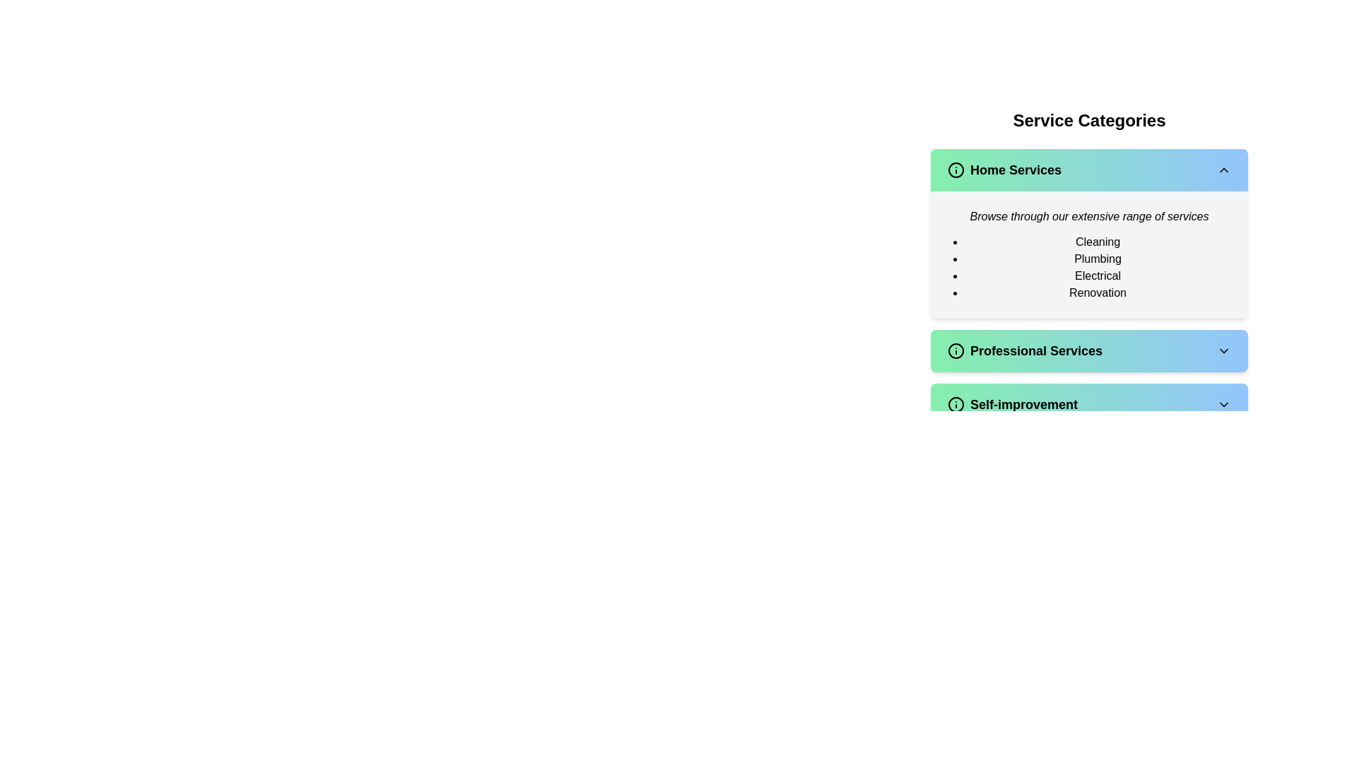  I want to click on the 'Cleaning' category list item in the 'Home Services' section, so click(1097, 242).